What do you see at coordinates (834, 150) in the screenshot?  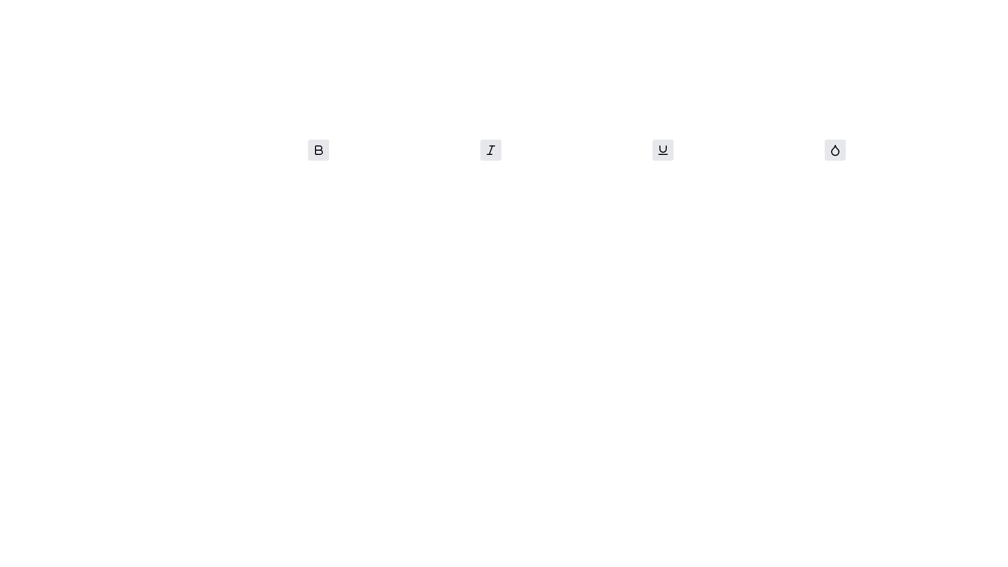 I see `the liquid-related icon positioned to the far right of the button array, located slightly right of the underlined 'U' icon` at bounding box center [834, 150].